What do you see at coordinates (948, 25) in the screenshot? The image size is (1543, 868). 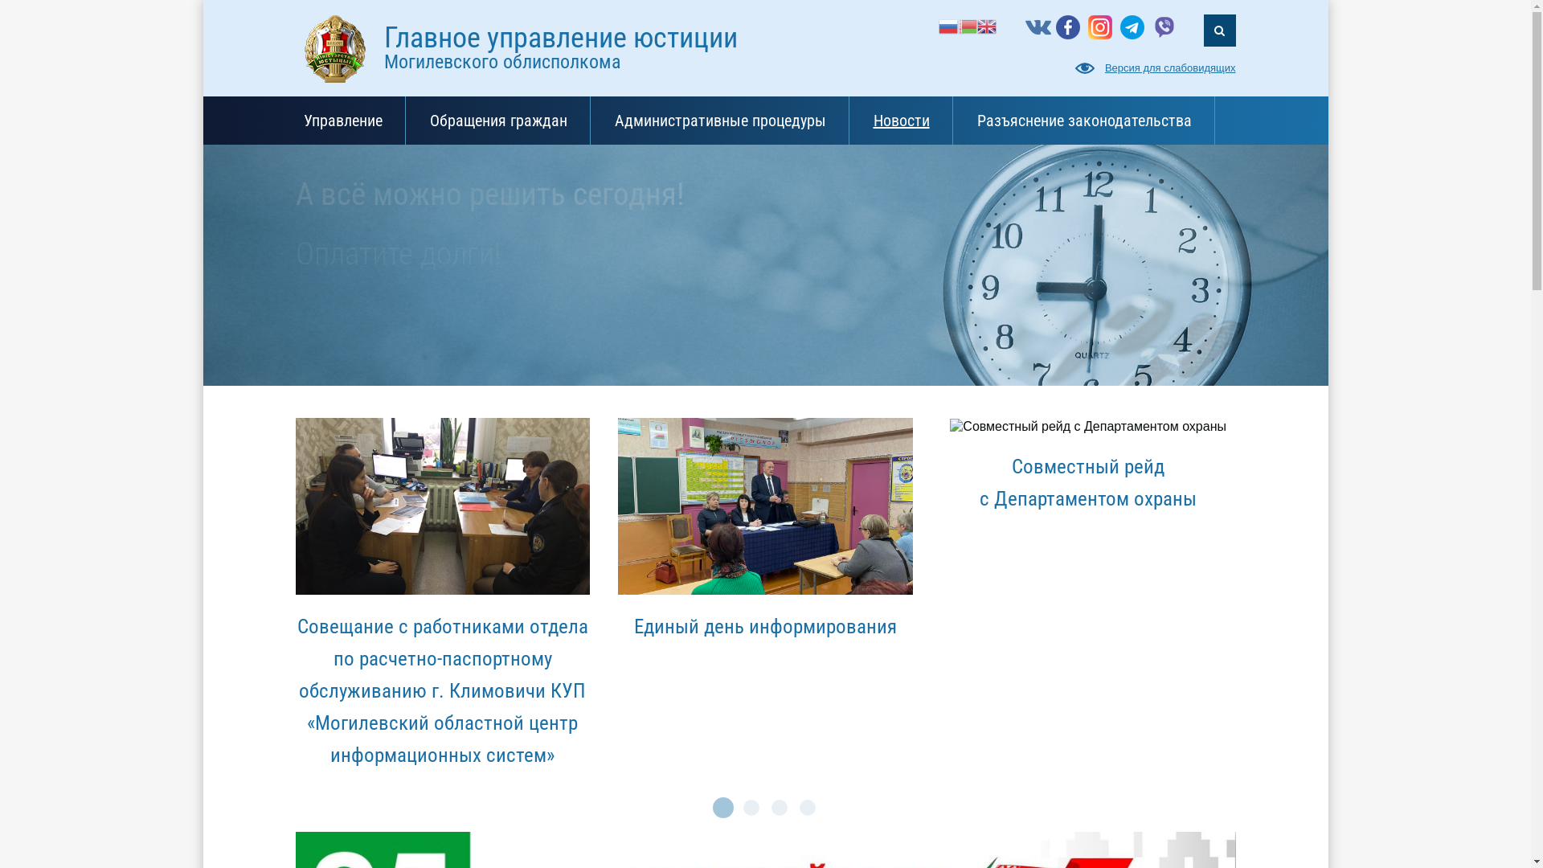 I see `'Russian'` at bounding box center [948, 25].